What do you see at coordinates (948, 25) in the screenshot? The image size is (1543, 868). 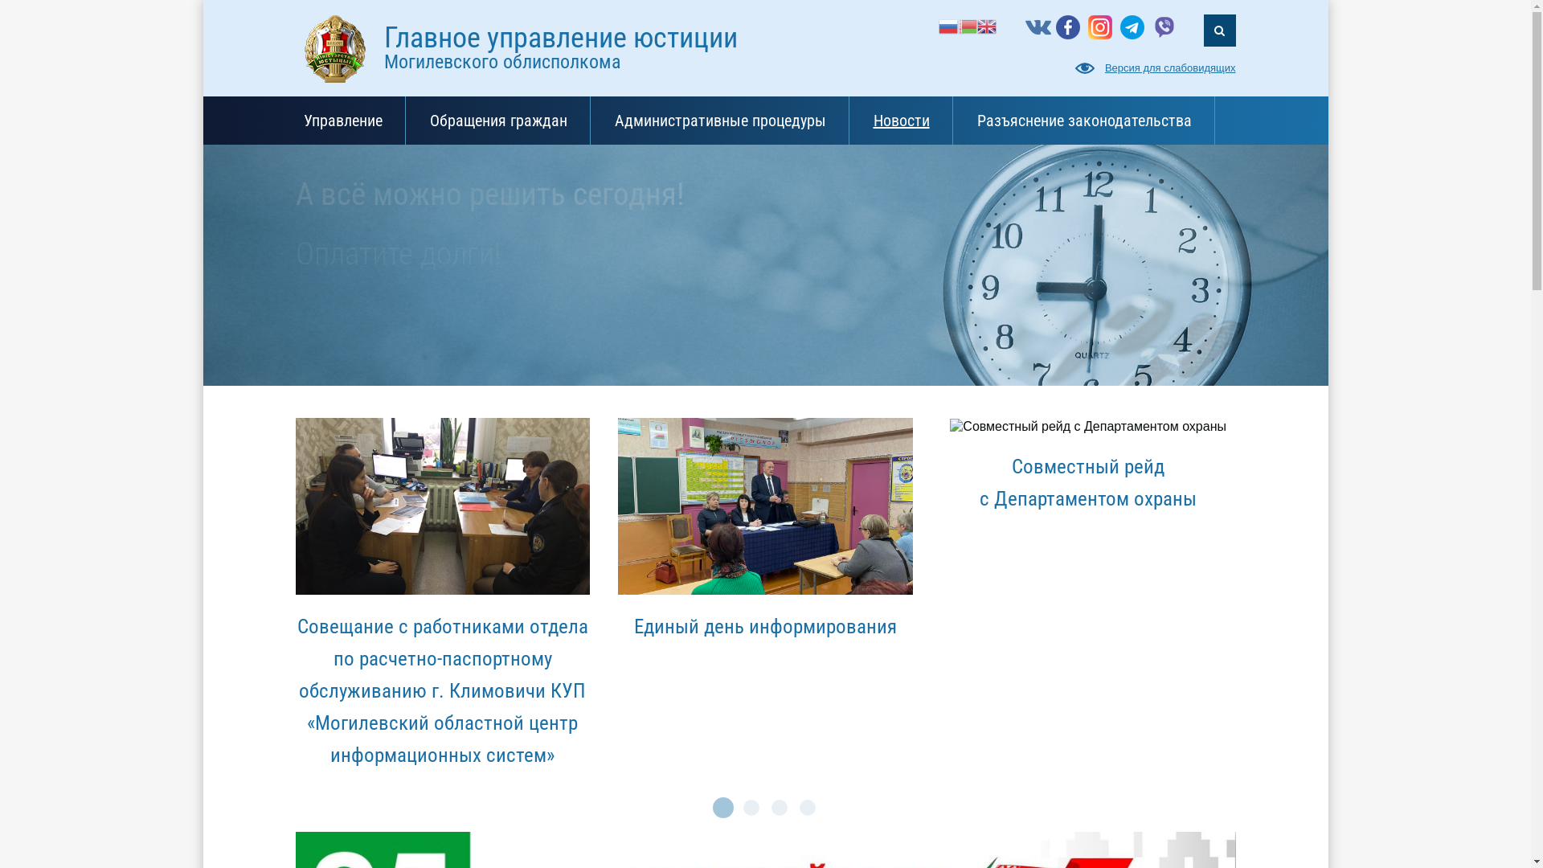 I see `'Russian'` at bounding box center [948, 25].